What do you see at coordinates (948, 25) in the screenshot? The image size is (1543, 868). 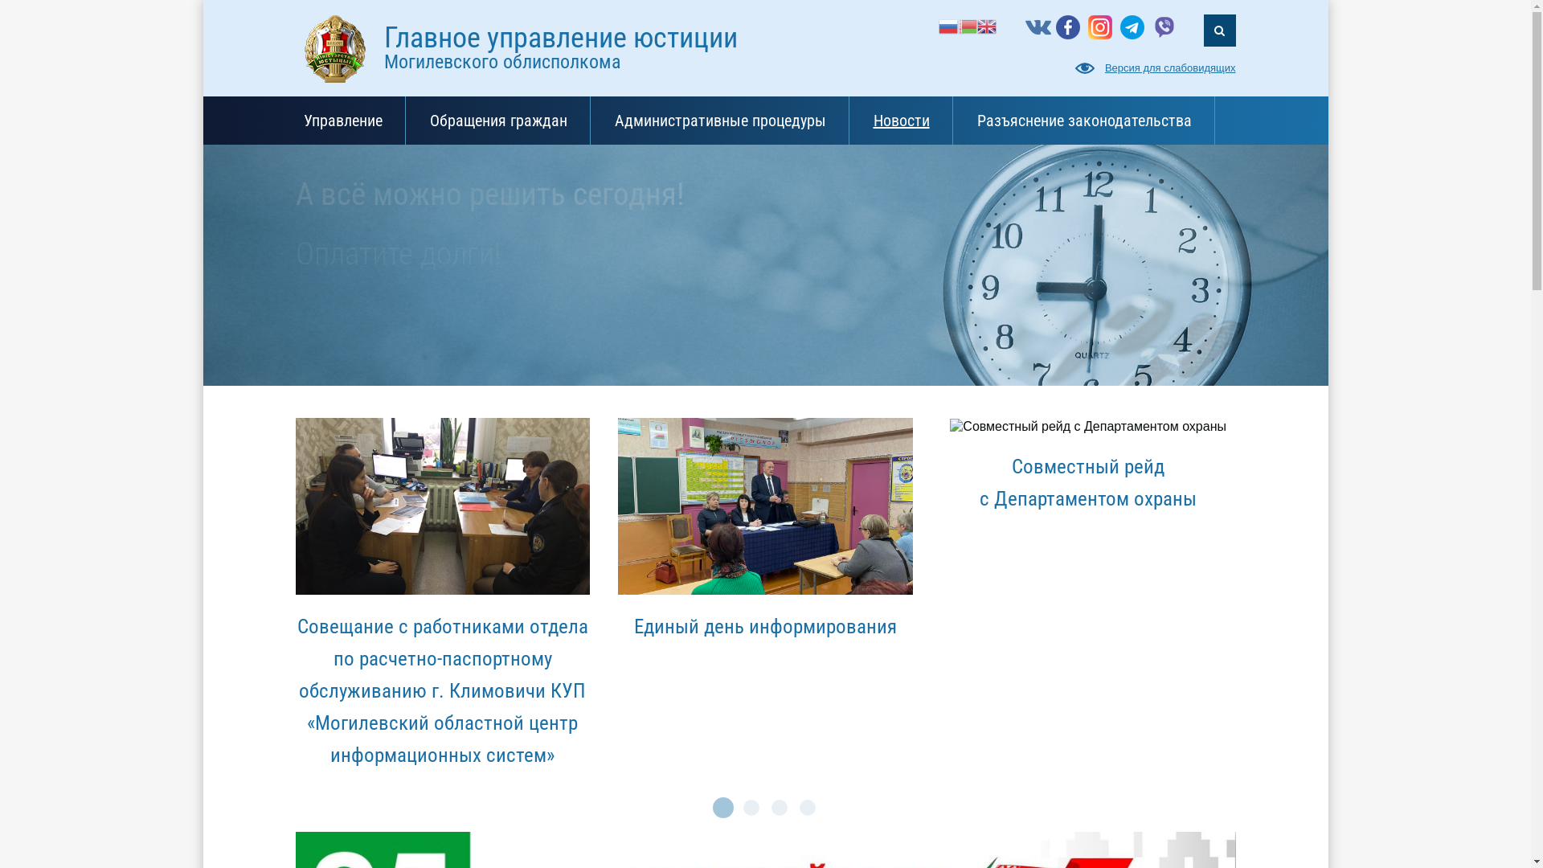 I see `'Russian'` at bounding box center [948, 25].